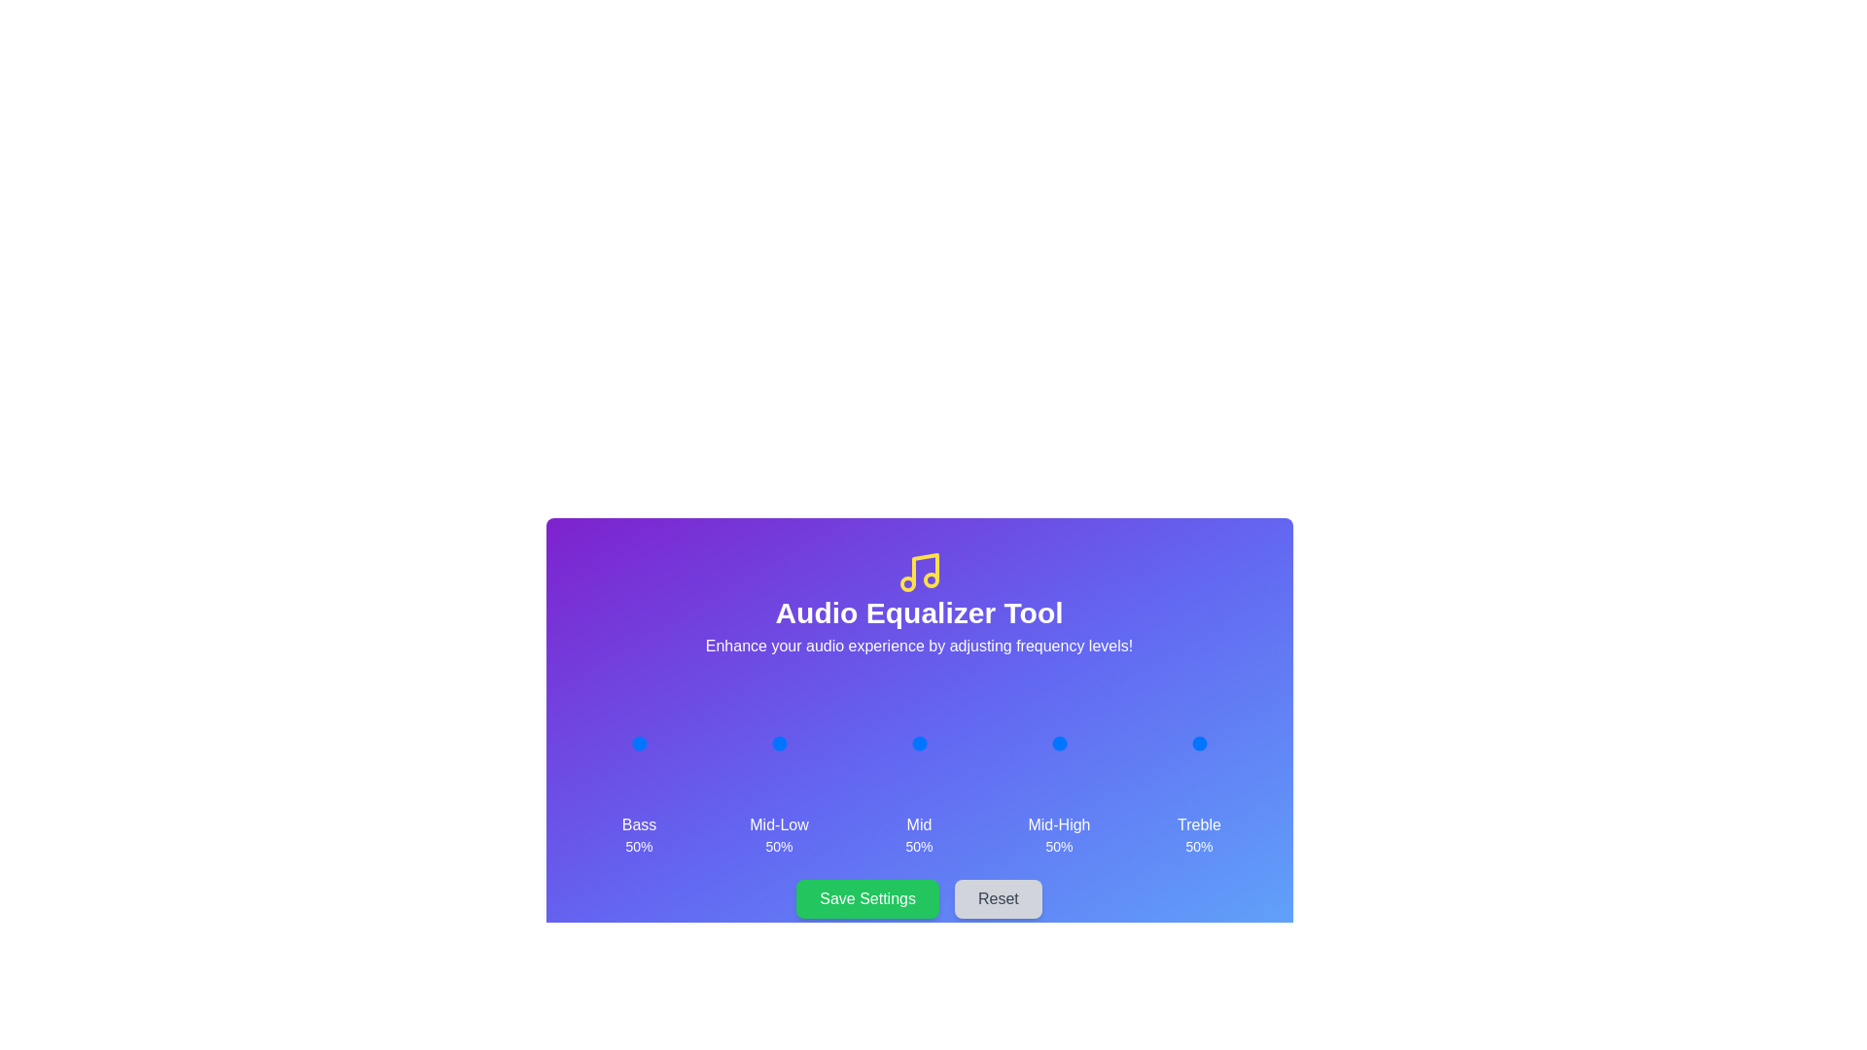 The image size is (1867, 1050). Describe the element at coordinates (1076, 743) in the screenshot. I see `the 3 slider to 79%` at that location.